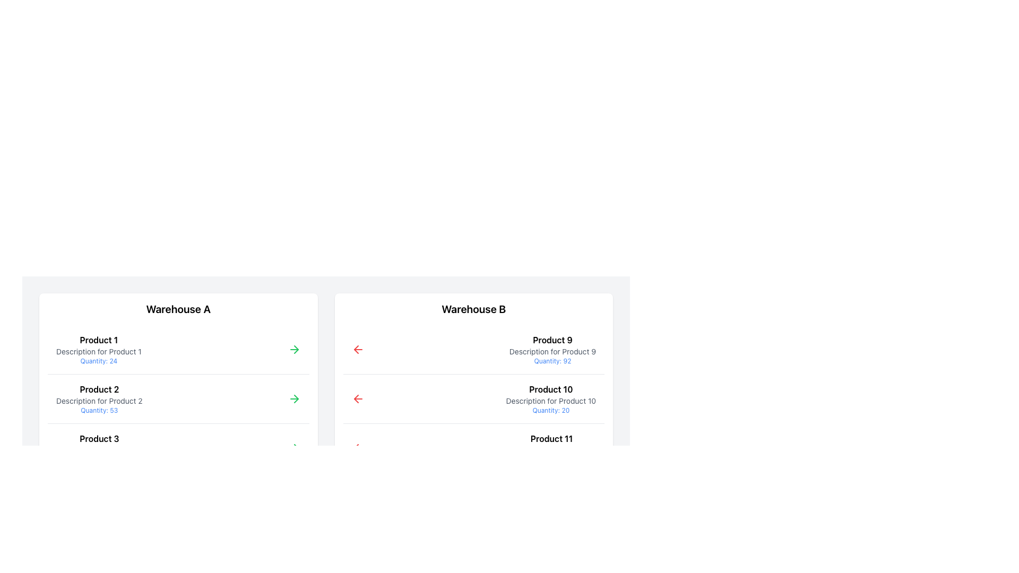 Image resolution: width=1019 pixels, height=573 pixels. What do you see at coordinates (551, 399) in the screenshot?
I see `the interactive Text Display Block located in 'Warehouse B', which includes a bold title, smaller description, and a blue quantity link` at bounding box center [551, 399].